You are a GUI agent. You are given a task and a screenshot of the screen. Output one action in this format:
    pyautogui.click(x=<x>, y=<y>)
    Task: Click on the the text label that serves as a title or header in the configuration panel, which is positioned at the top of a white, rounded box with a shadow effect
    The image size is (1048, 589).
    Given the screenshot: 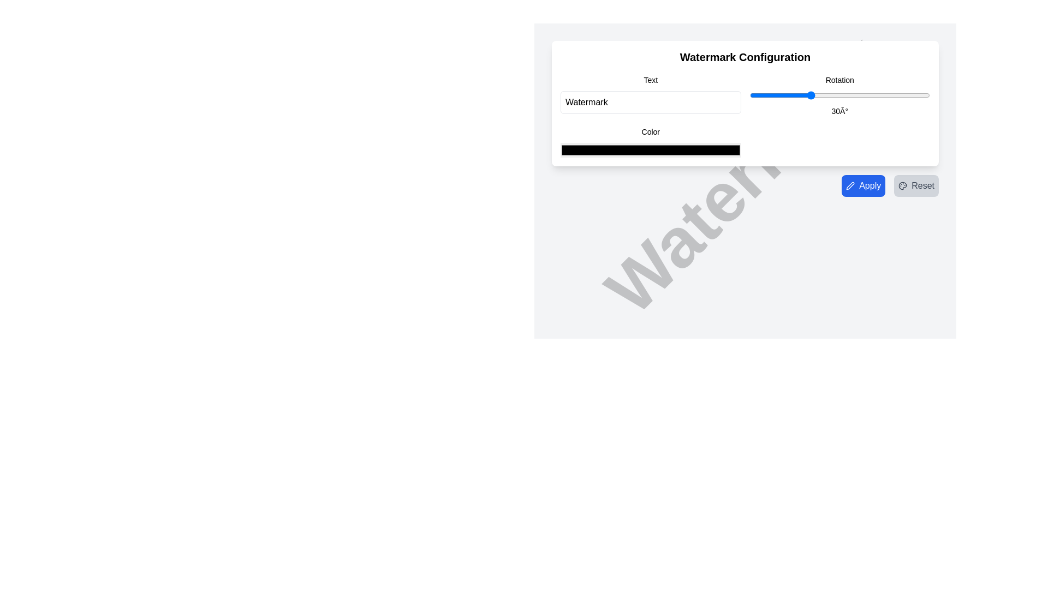 What is the action you would take?
    pyautogui.click(x=745, y=57)
    